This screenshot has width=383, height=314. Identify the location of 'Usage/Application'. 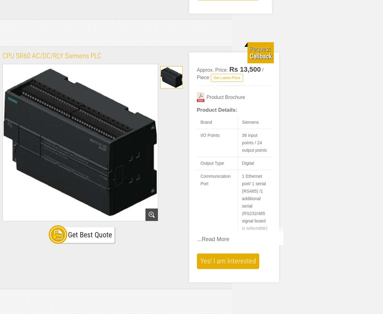
(218, 241).